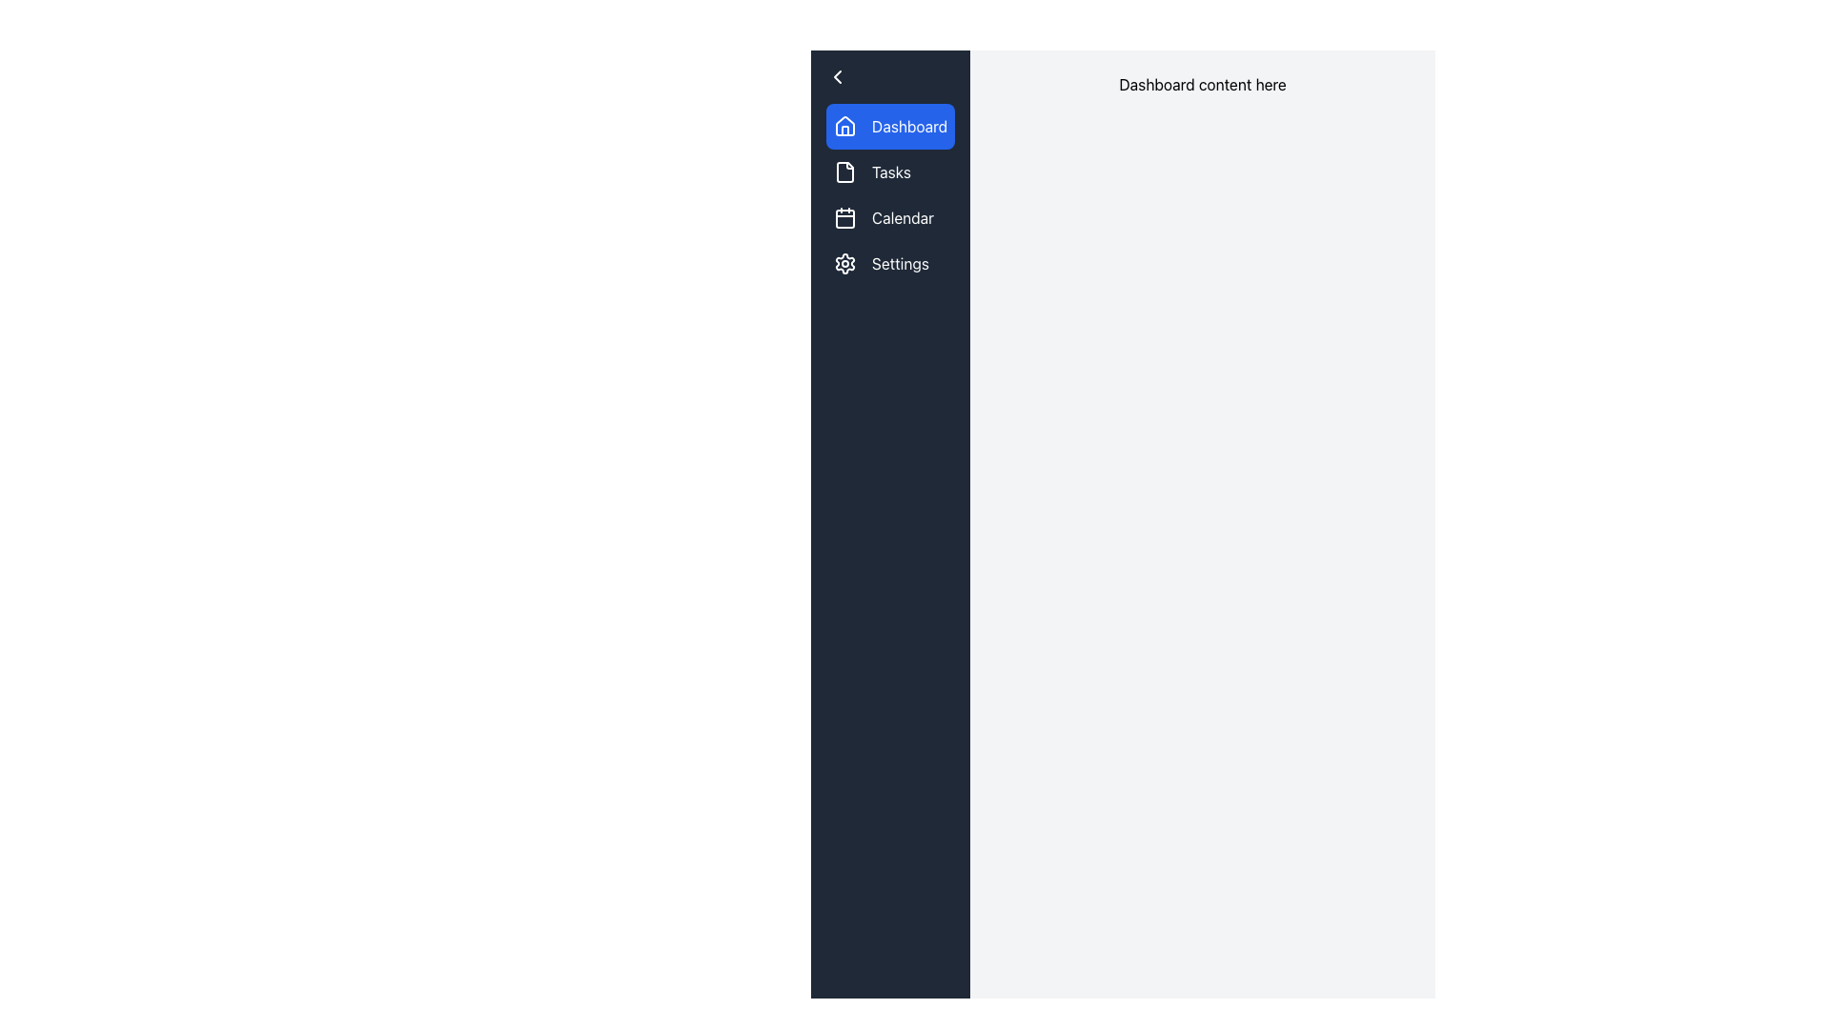  I want to click on the navigation button located immediately below the 'Dashboard' item and above the 'Calendar' item, so click(889, 172).